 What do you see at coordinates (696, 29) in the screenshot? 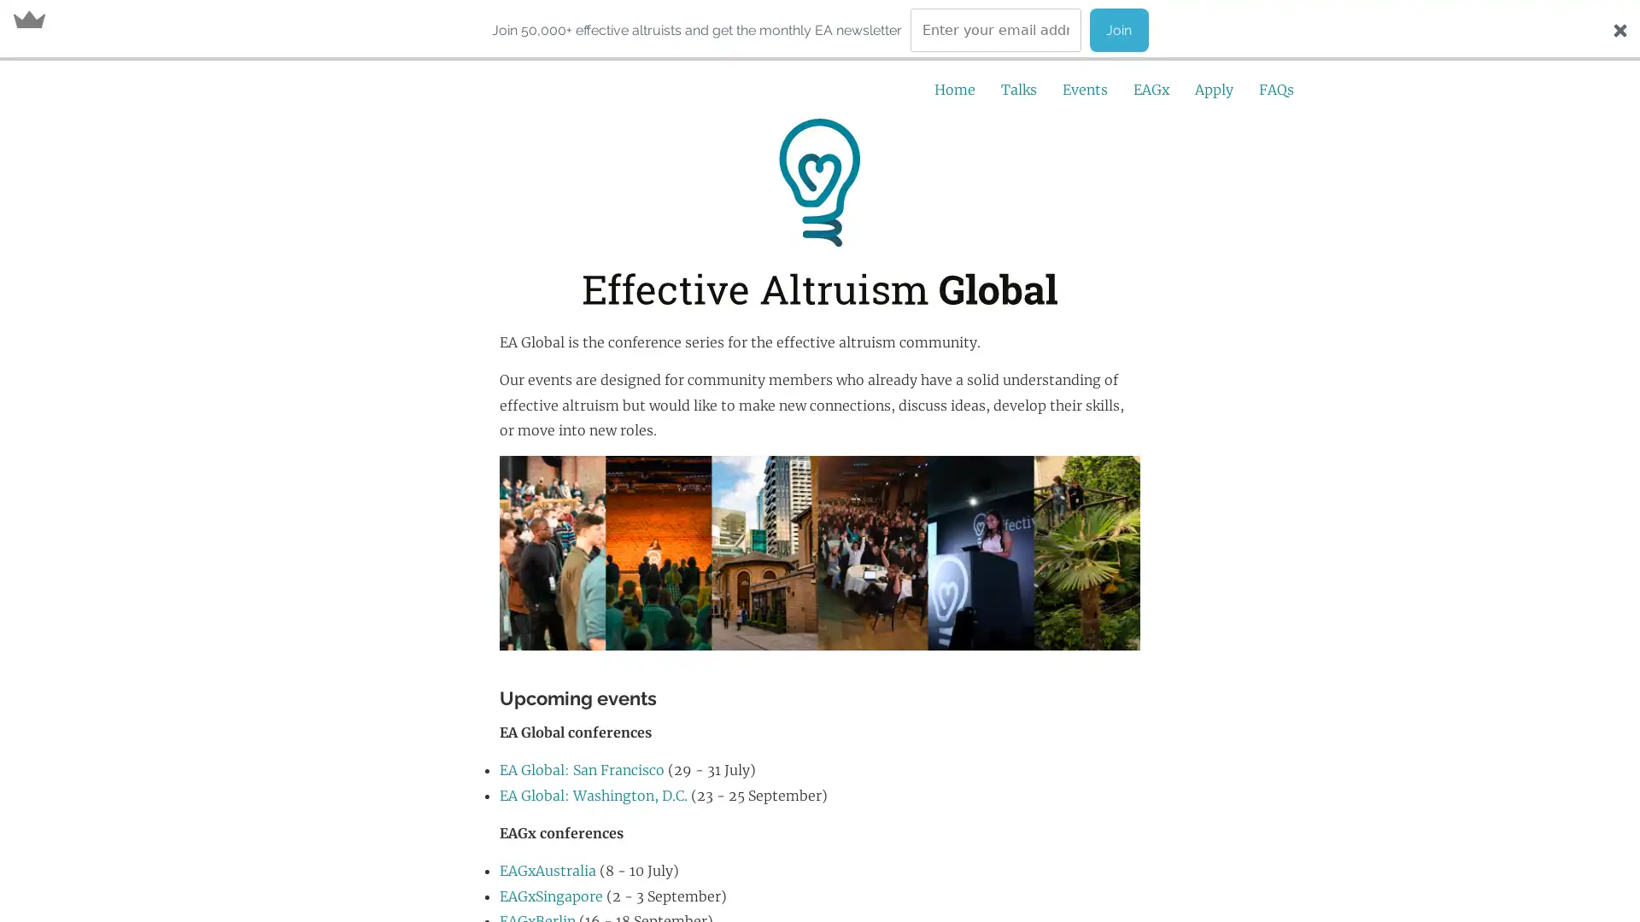
I see `Join 50,000+ effective altruists and get the monthly EA newsletter` at bounding box center [696, 29].